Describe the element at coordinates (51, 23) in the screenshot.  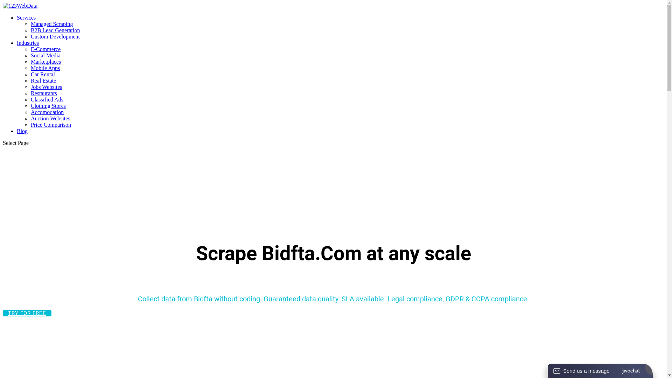
I see `'Managed Scraping'` at that location.